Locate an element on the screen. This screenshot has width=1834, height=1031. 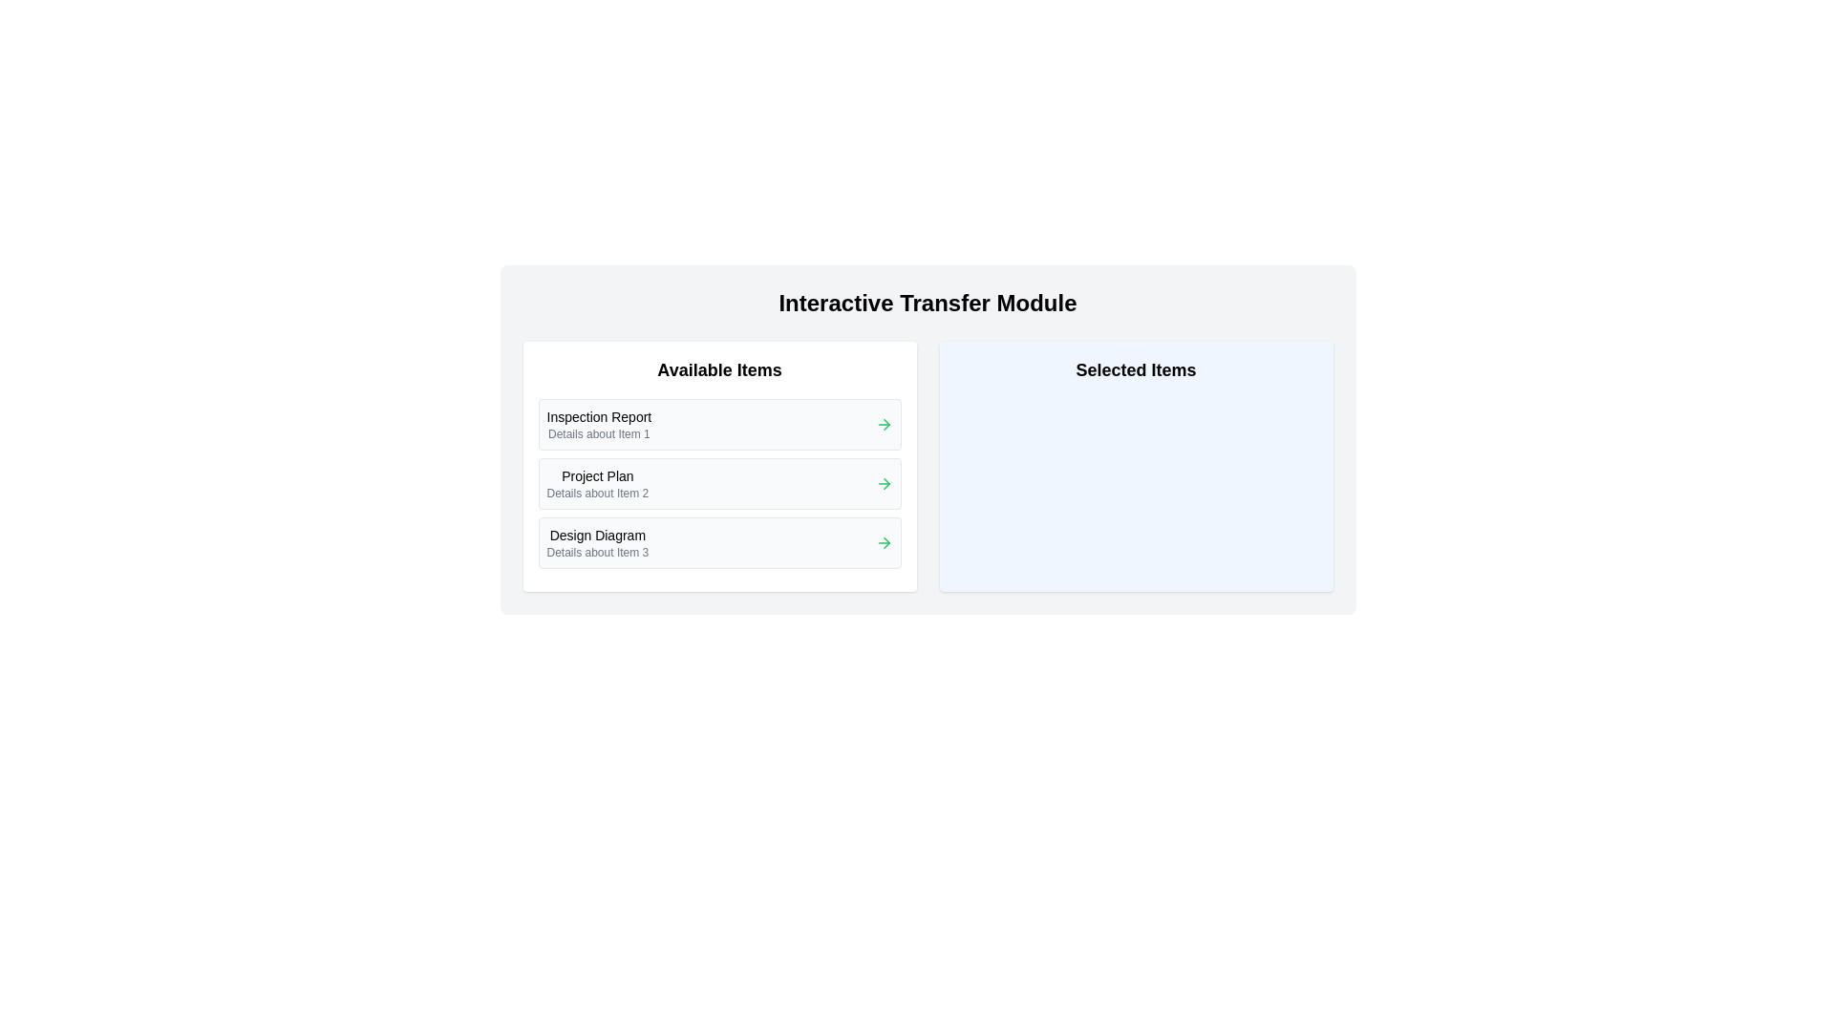
the Text label that provides additional details about the 'Project Plan' item located in the 'Available Items' section beneath the heading 'Interactive Transfer Module' is located at coordinates (596, 492).